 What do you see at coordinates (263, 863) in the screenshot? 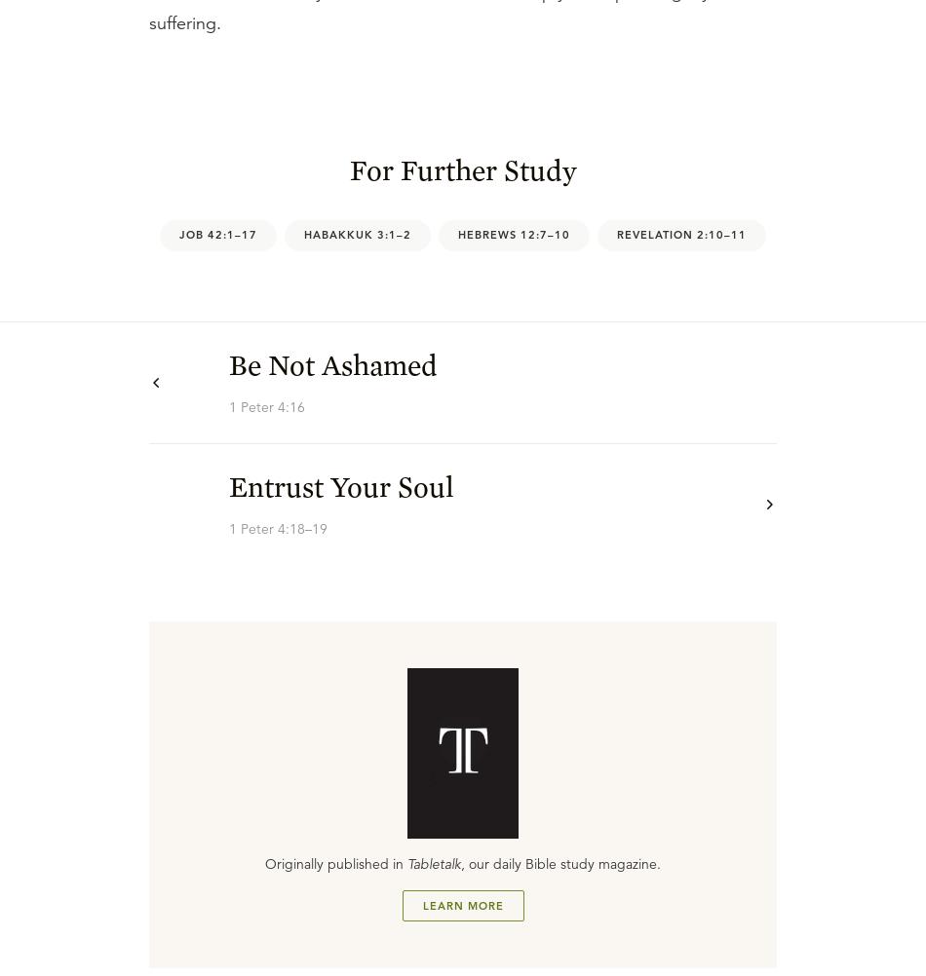
I see `'Originally published in'` at bounding box center [263, 863].